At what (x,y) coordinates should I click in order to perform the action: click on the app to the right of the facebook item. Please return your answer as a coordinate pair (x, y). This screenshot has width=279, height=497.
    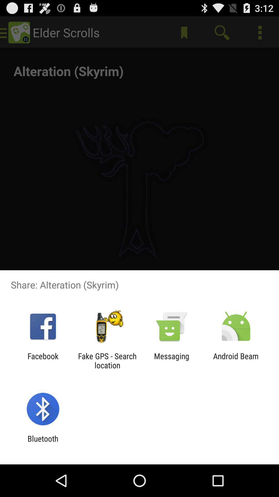
    Looking at the image, I should click on (107, 360).